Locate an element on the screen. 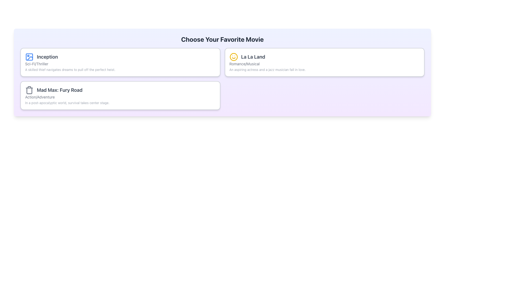  the prominently displayed text 'Choose Your Favorite Movie' which serves as the title at the top of the section is located at coordinates (222, 39).